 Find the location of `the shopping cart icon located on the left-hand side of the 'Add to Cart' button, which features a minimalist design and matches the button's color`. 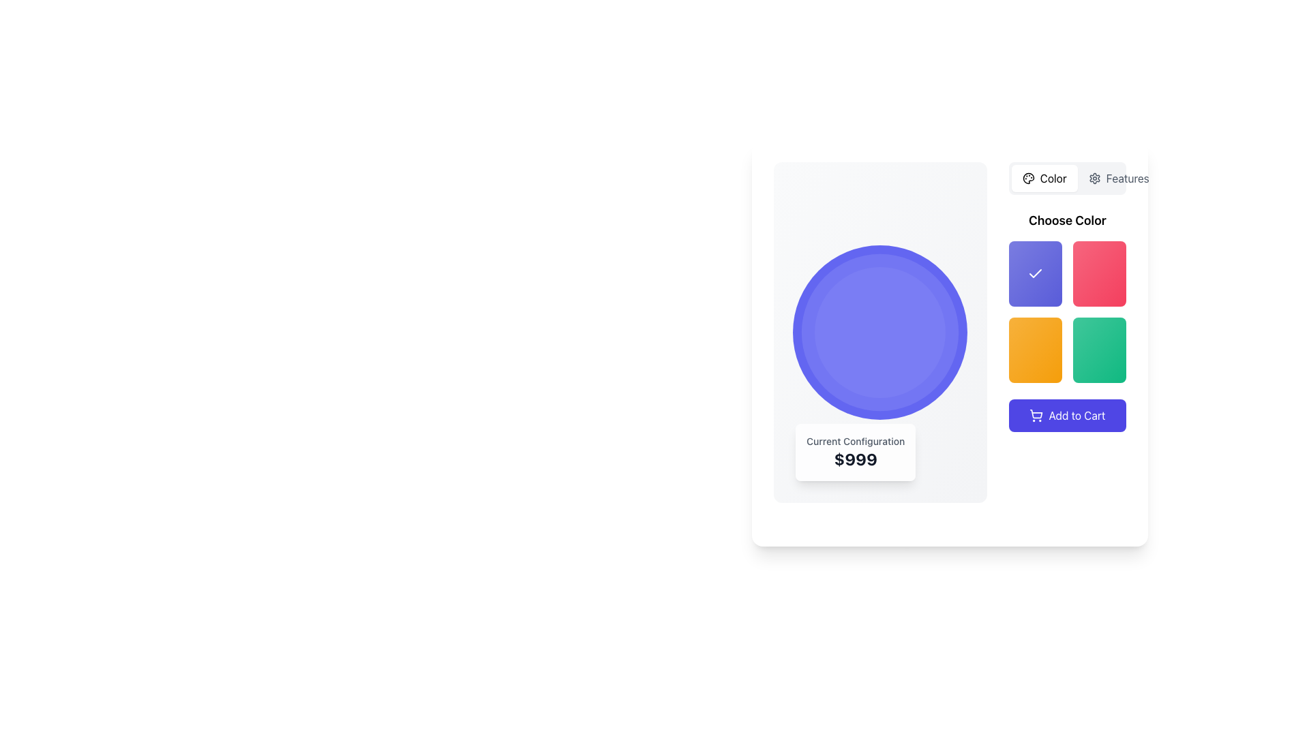

the shopping cart icon located on the left-hand side of the 'Add to Cart' button, which features a minimalist design and matches the button's color is located at coordinates (1036, 414).